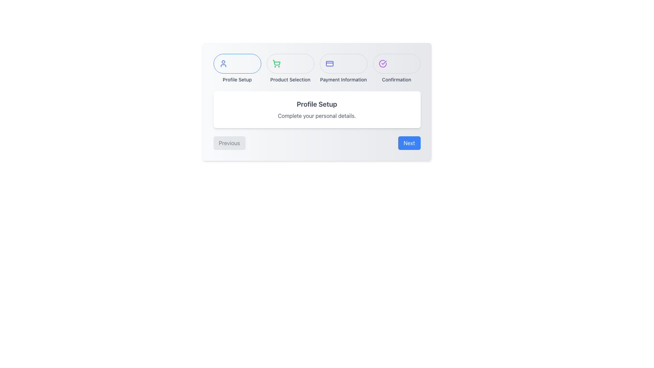 The image size is (654, 368). What do you see at coordinates (223, 63) in the screenshot?
I see `the user profile icon, which is a blue minimalistic representation of a head and shoulders, located next to the 'Profile Setup' label` at bounding box center [223, 63].